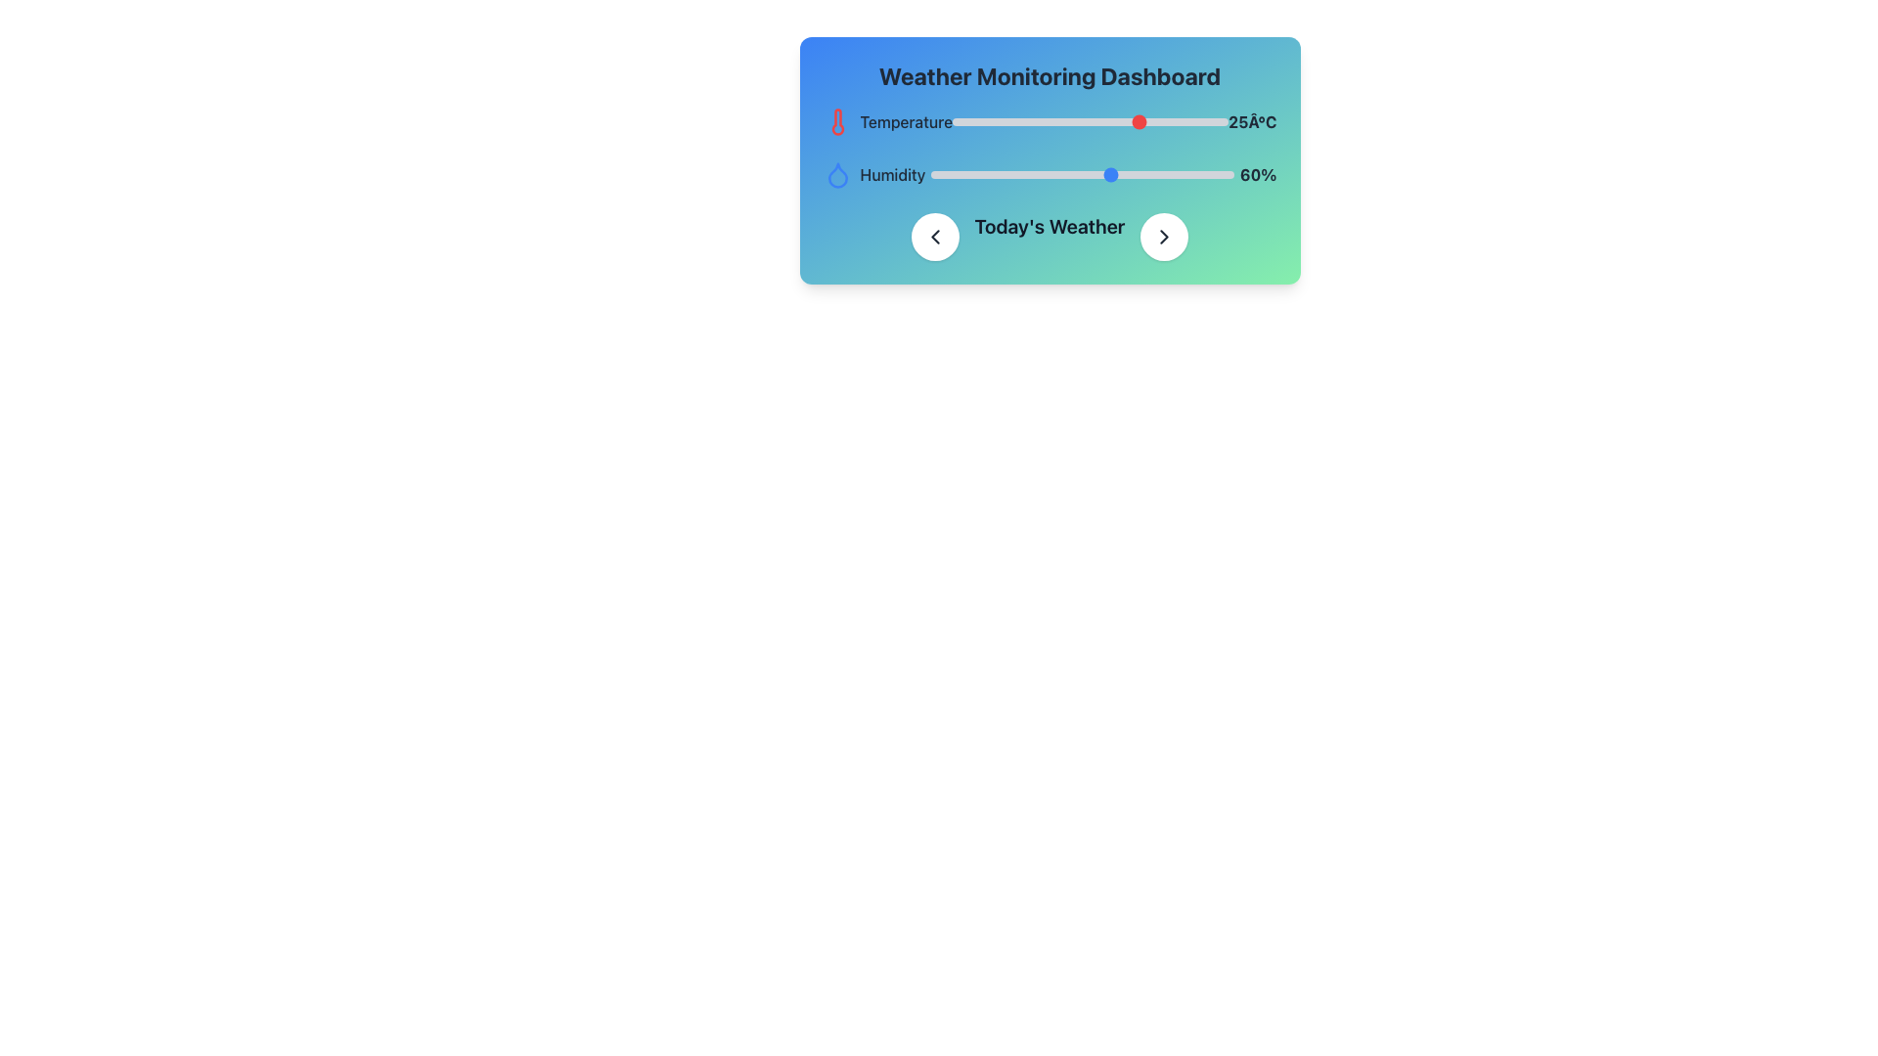  Describe the element at coordinates (1049, 236) in the screenshot. I see `the text label reading 'Today's Weather' which is styled in bold and located at the center-bottom of a gradient background module` at that location.